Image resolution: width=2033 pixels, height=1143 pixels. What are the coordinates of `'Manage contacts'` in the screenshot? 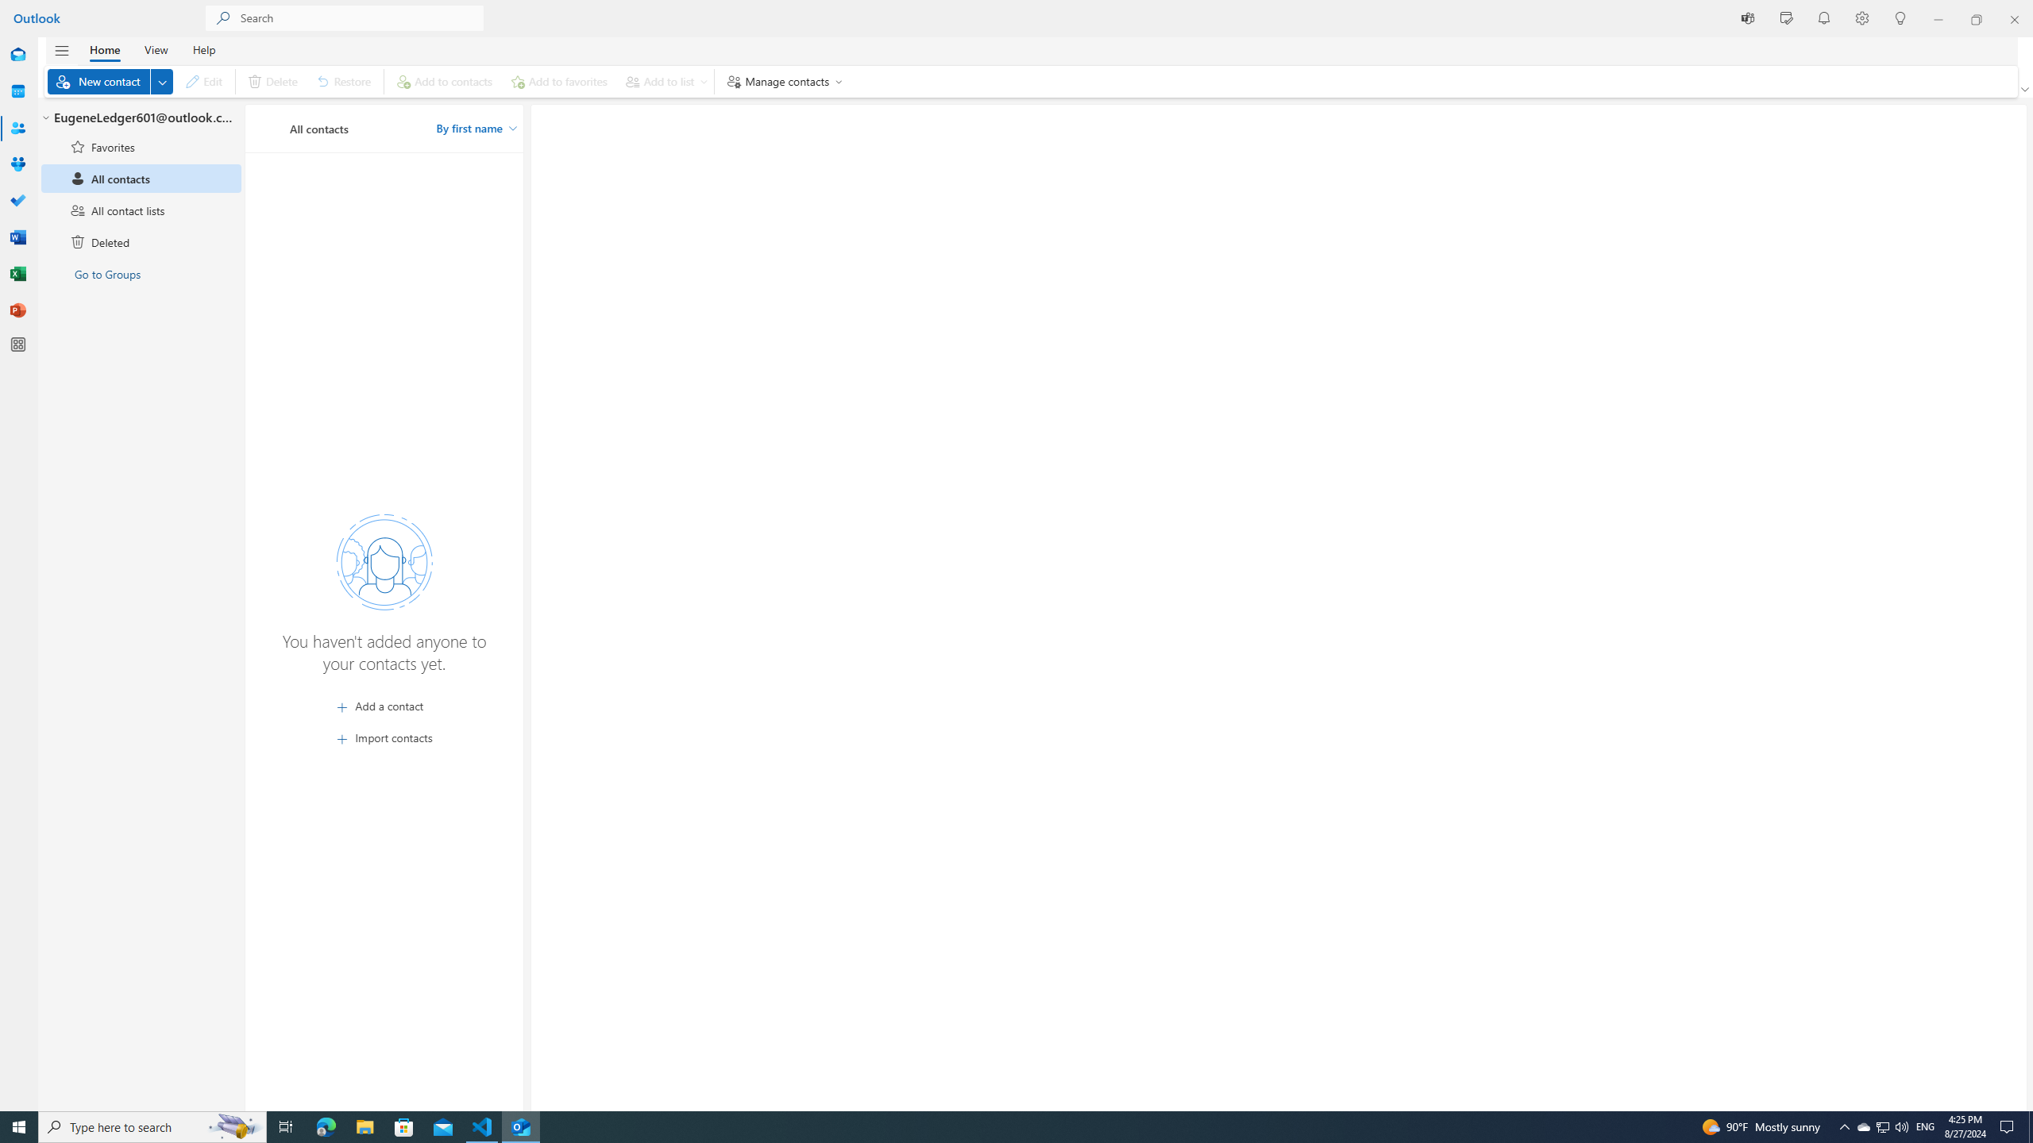 It's located at (781, 81).